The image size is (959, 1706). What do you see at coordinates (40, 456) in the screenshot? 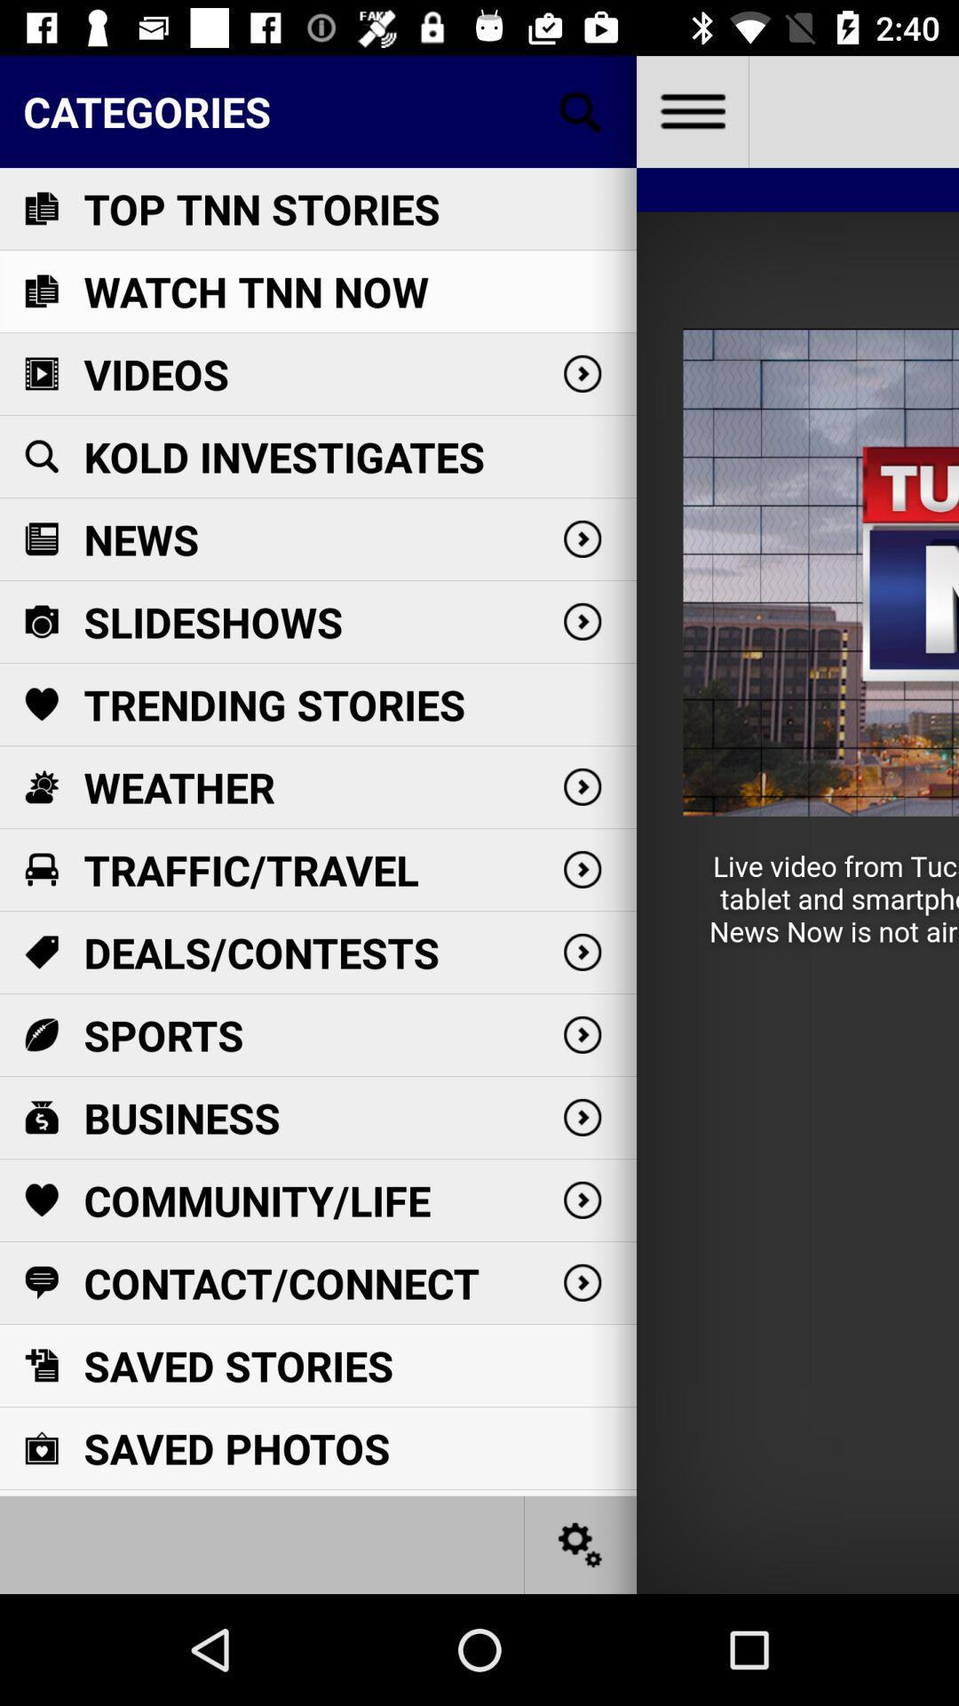
I see `the 4th icon` at bounding box center [40, 456].